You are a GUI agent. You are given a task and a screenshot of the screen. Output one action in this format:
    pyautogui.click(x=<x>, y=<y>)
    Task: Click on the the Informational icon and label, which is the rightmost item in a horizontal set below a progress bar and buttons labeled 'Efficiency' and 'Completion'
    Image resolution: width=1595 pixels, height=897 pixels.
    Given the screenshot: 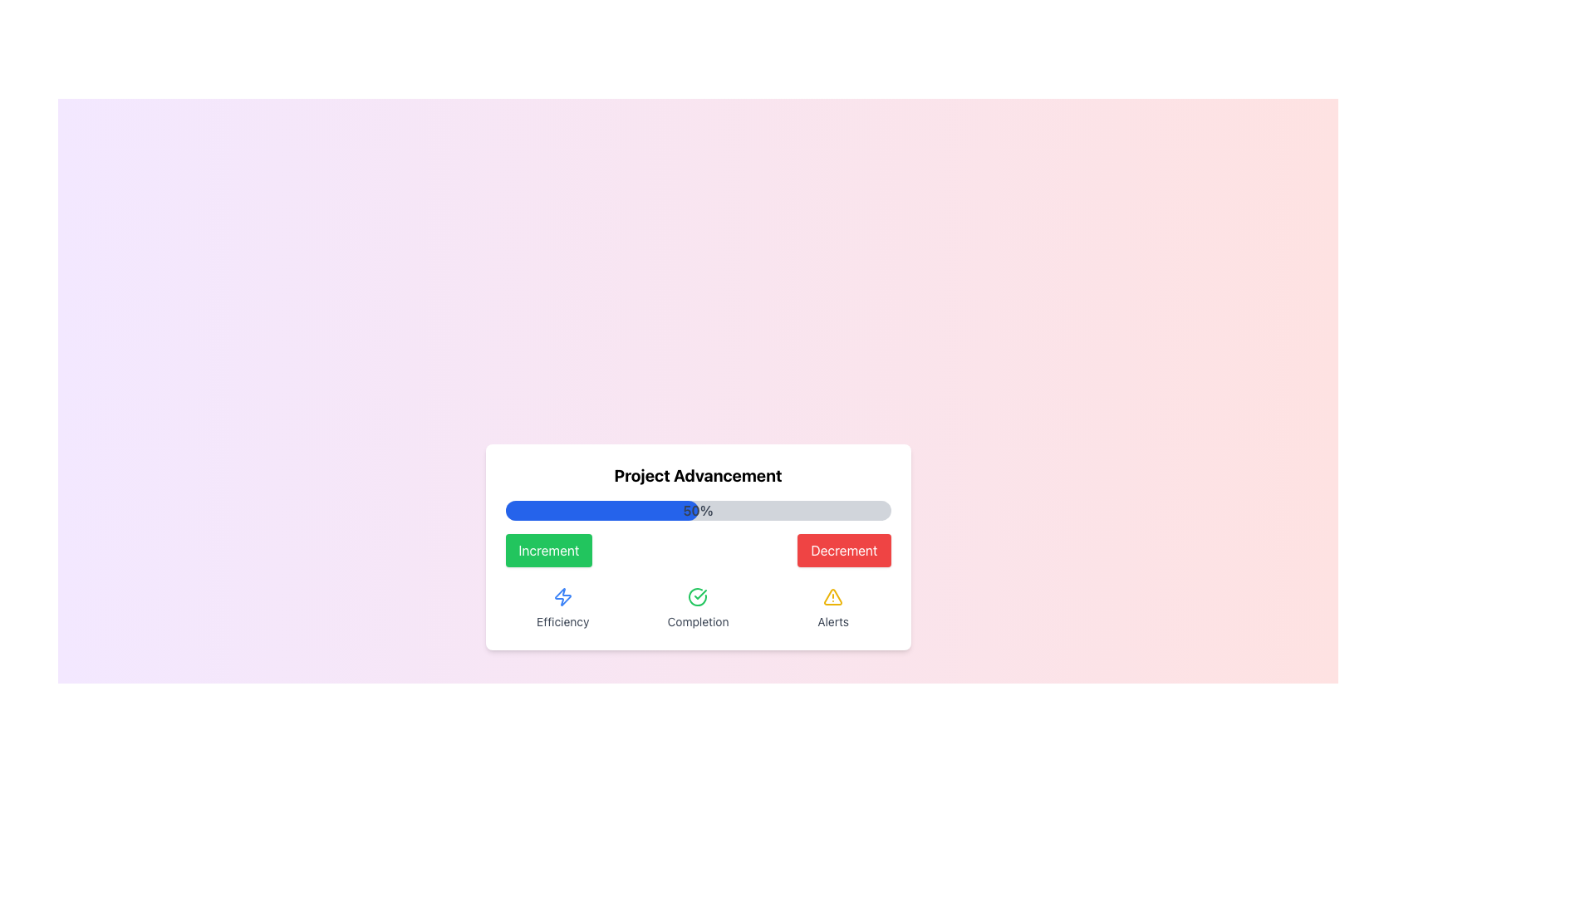 What is the action you would take?
    pyautogui.click(x=833, y=608)
    